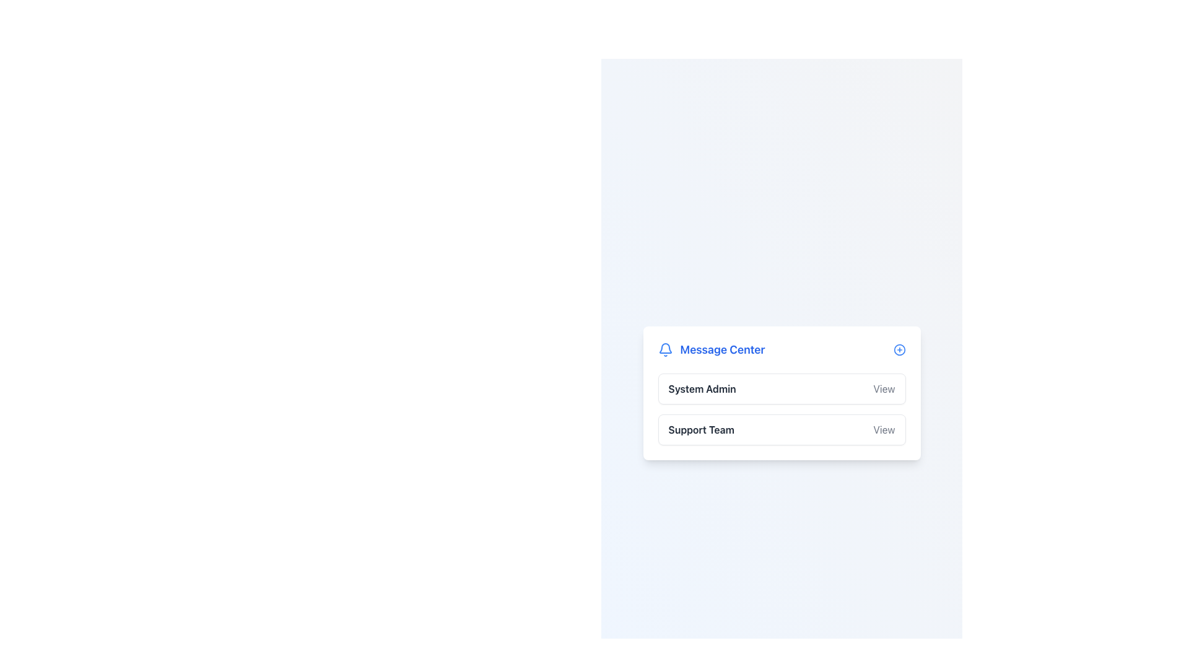 The width and height of the screenshot is (1189, 669). What do you see at coordinates (701, 429) in the screenshot?
I see `the 'Support Team' text label, which is styled in bold dark gray and positioned in the lower part of the 'Message Center' card, below 'System Admin' and to the left of the 'View' link` at bounding box center [701, 429].